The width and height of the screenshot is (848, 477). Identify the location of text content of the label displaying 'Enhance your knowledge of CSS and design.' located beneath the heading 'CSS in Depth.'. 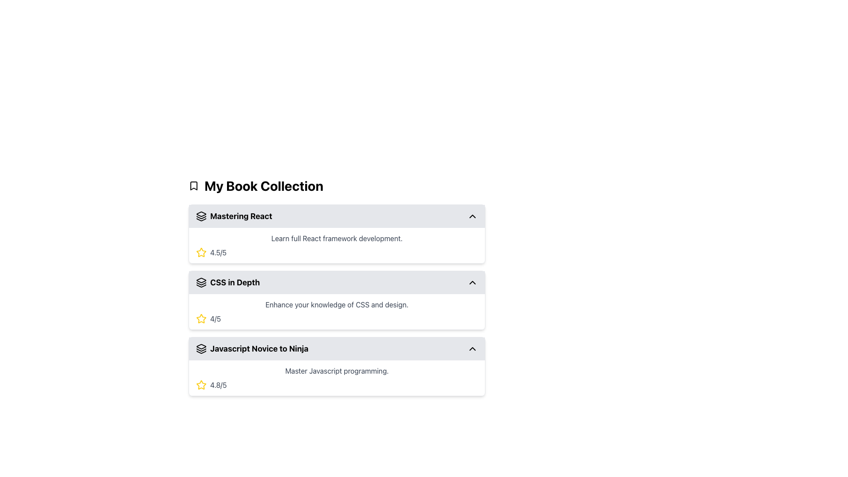
(337, 304).